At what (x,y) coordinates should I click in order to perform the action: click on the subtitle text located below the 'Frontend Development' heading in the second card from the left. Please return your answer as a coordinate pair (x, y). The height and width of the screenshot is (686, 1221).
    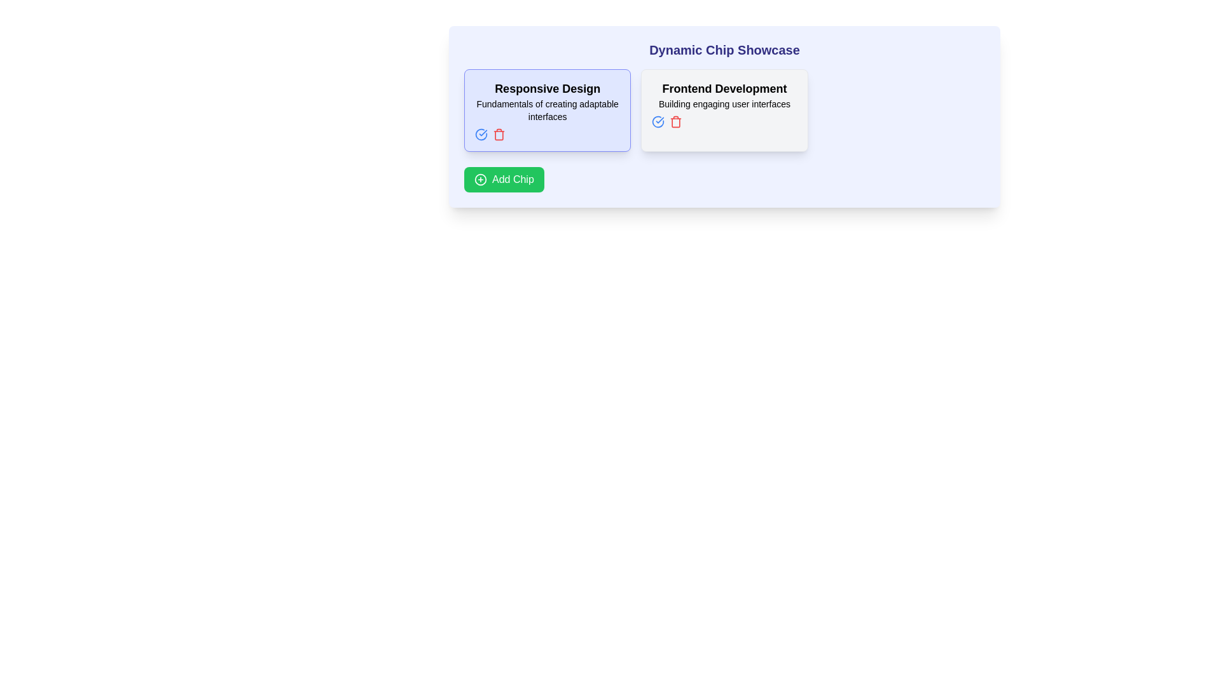
    Looking at the image, I should click on (724, 104).